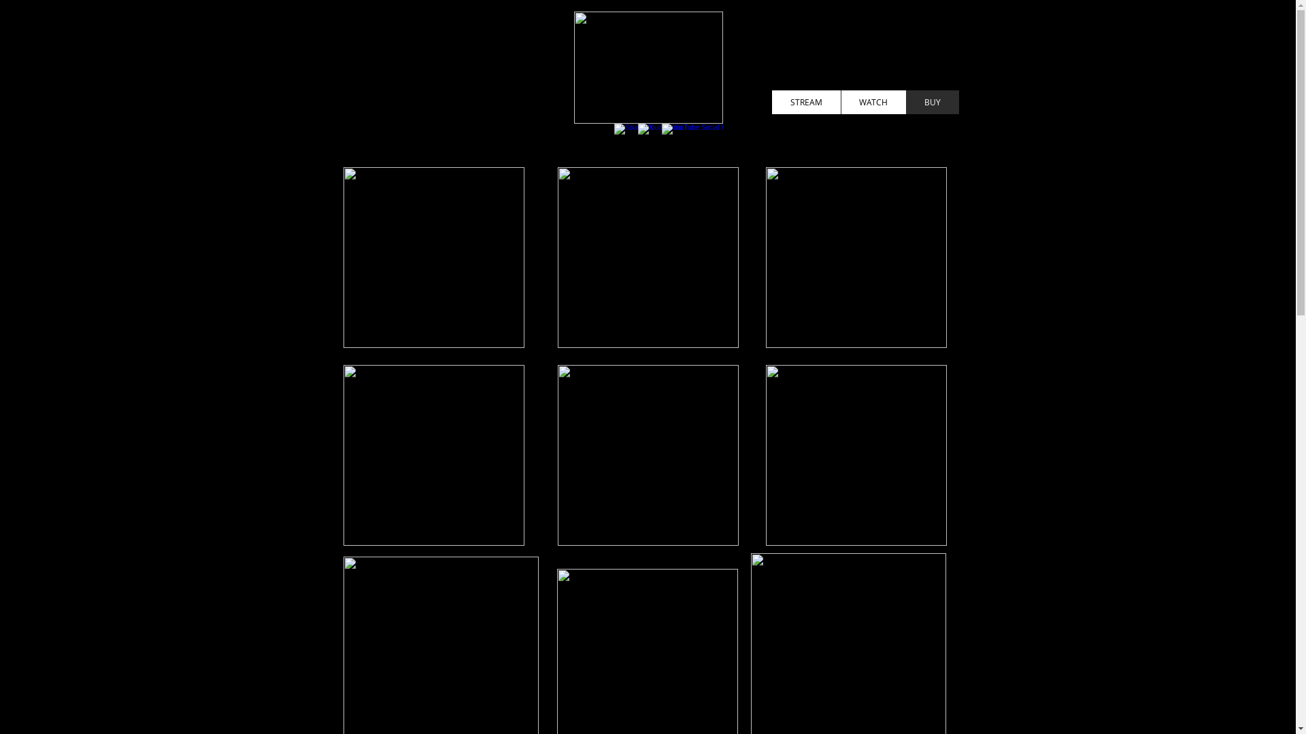 This screenshot has width=1306, height=734. What do you see at coordinates (932, 101) in the screenshot?
I see `'BUY'` at bounding box center [932, 101].